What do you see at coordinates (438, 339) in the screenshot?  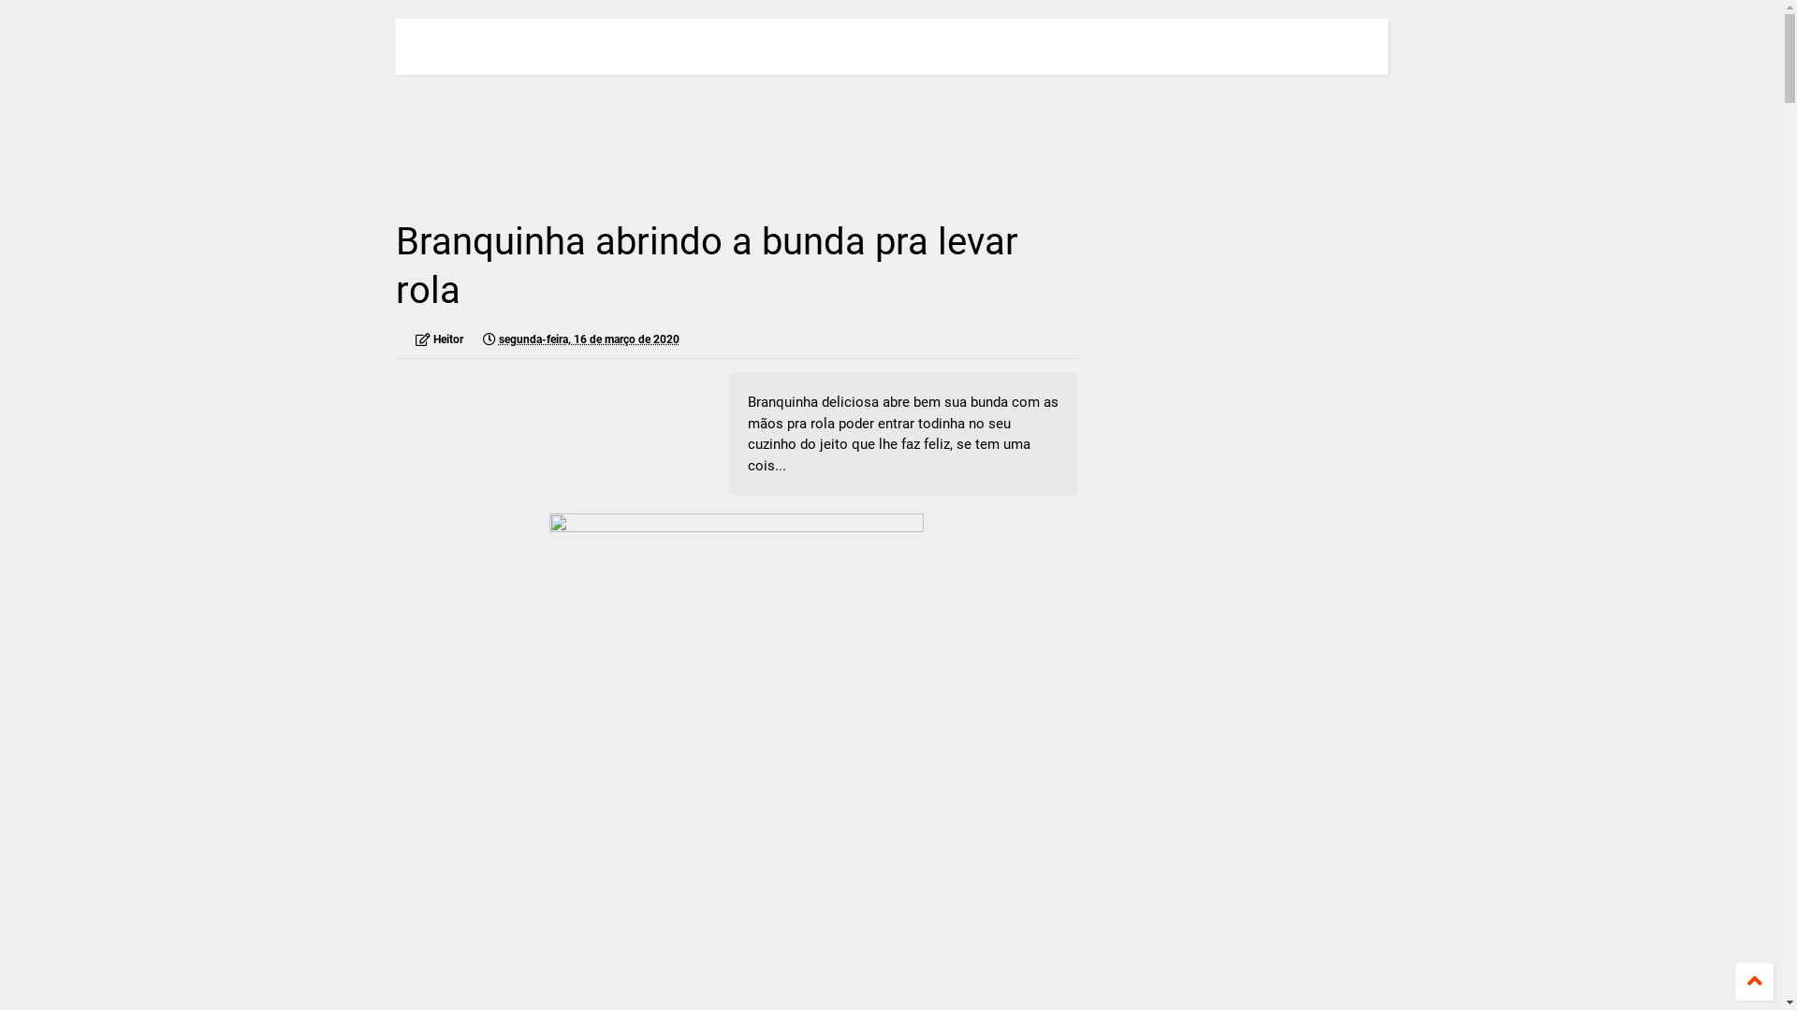 I see `'Heitor'` at bounding box center [438, 339].